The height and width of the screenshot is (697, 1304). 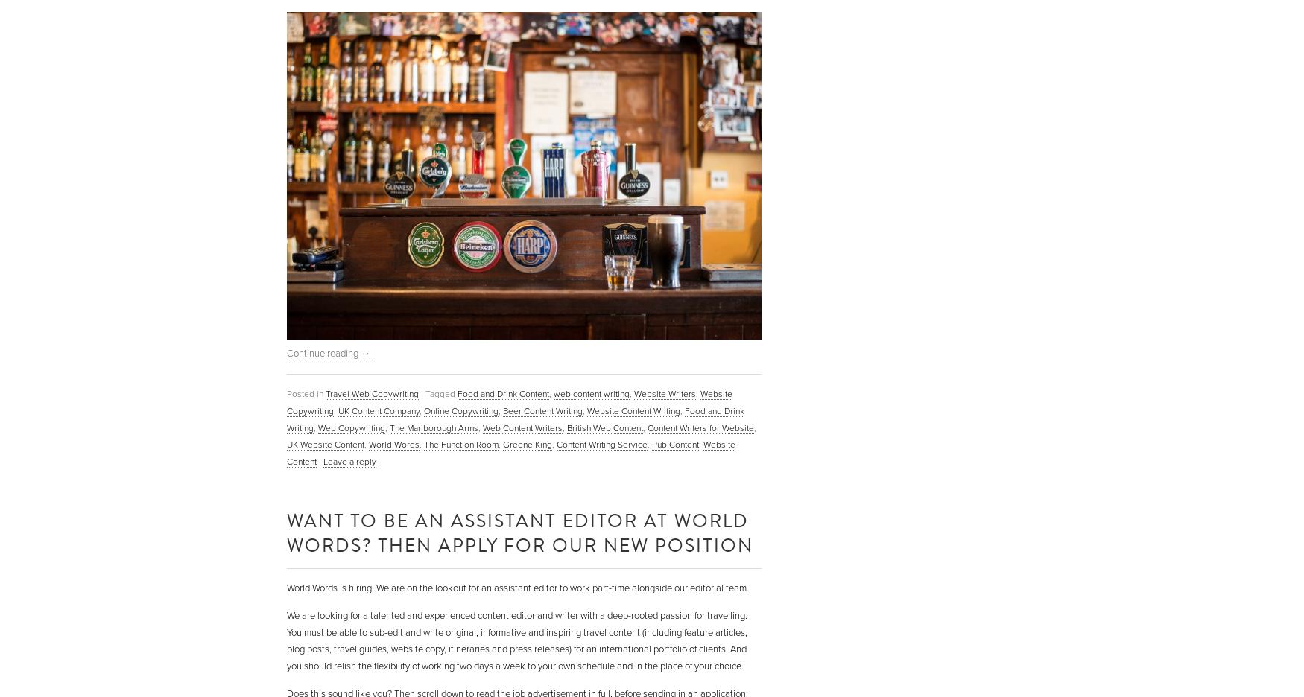 I want to click on 'Leave a reply', so click(x=349, y=462).